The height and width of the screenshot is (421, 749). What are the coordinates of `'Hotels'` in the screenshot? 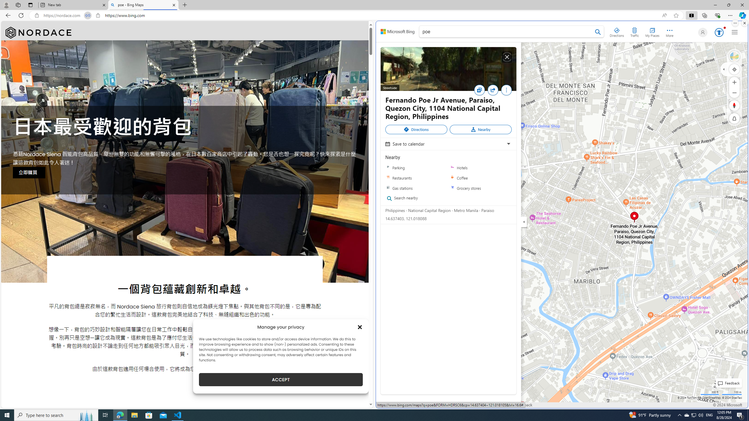 It's located at (480, 167).